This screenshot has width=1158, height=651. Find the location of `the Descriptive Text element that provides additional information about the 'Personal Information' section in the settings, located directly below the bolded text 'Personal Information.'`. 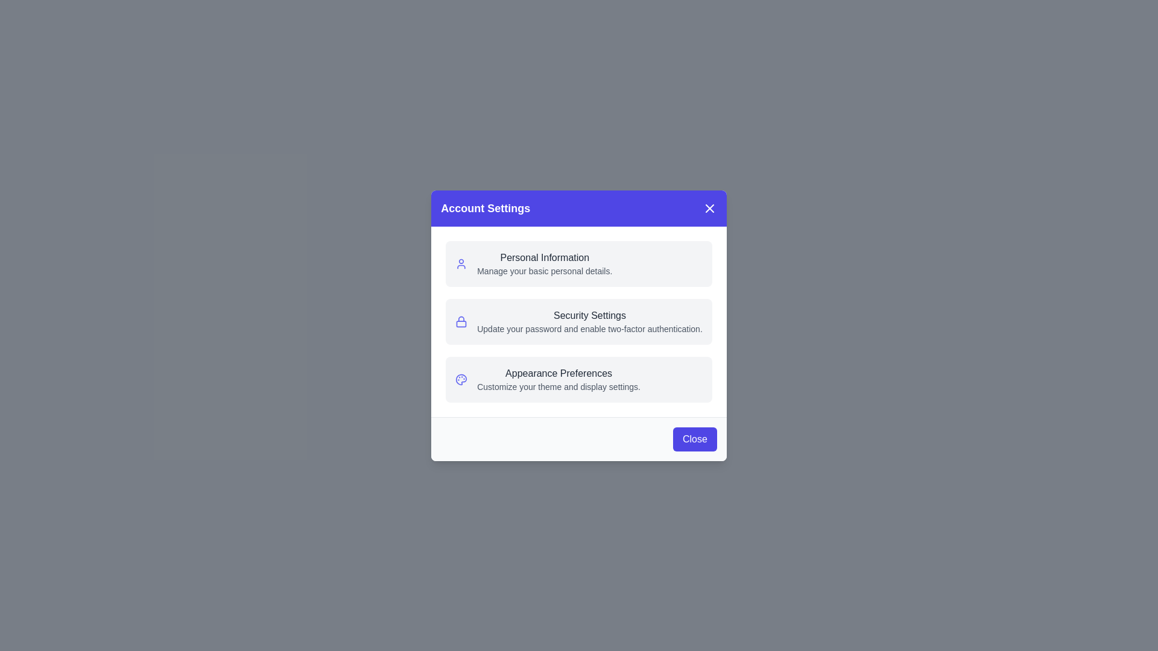

the Descriptive Text element that provides additional information about the 'Personal Information' section in the settings, located directly below the bolded text 'Personal Information.' is located at coordinates (544, 270).